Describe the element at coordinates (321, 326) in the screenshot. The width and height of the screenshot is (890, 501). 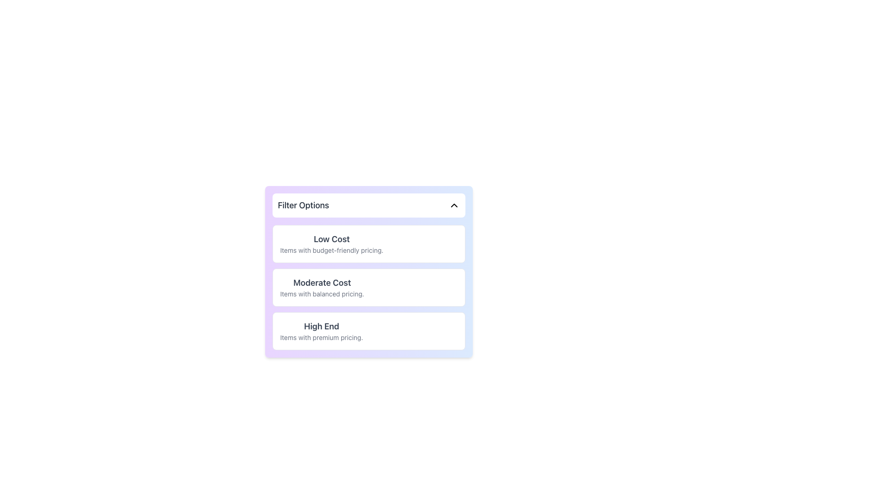
I see `the text label reading 'High End', which is prominently displayed in bold, large, dark gray font within a light-colored section of the interface` at that location.